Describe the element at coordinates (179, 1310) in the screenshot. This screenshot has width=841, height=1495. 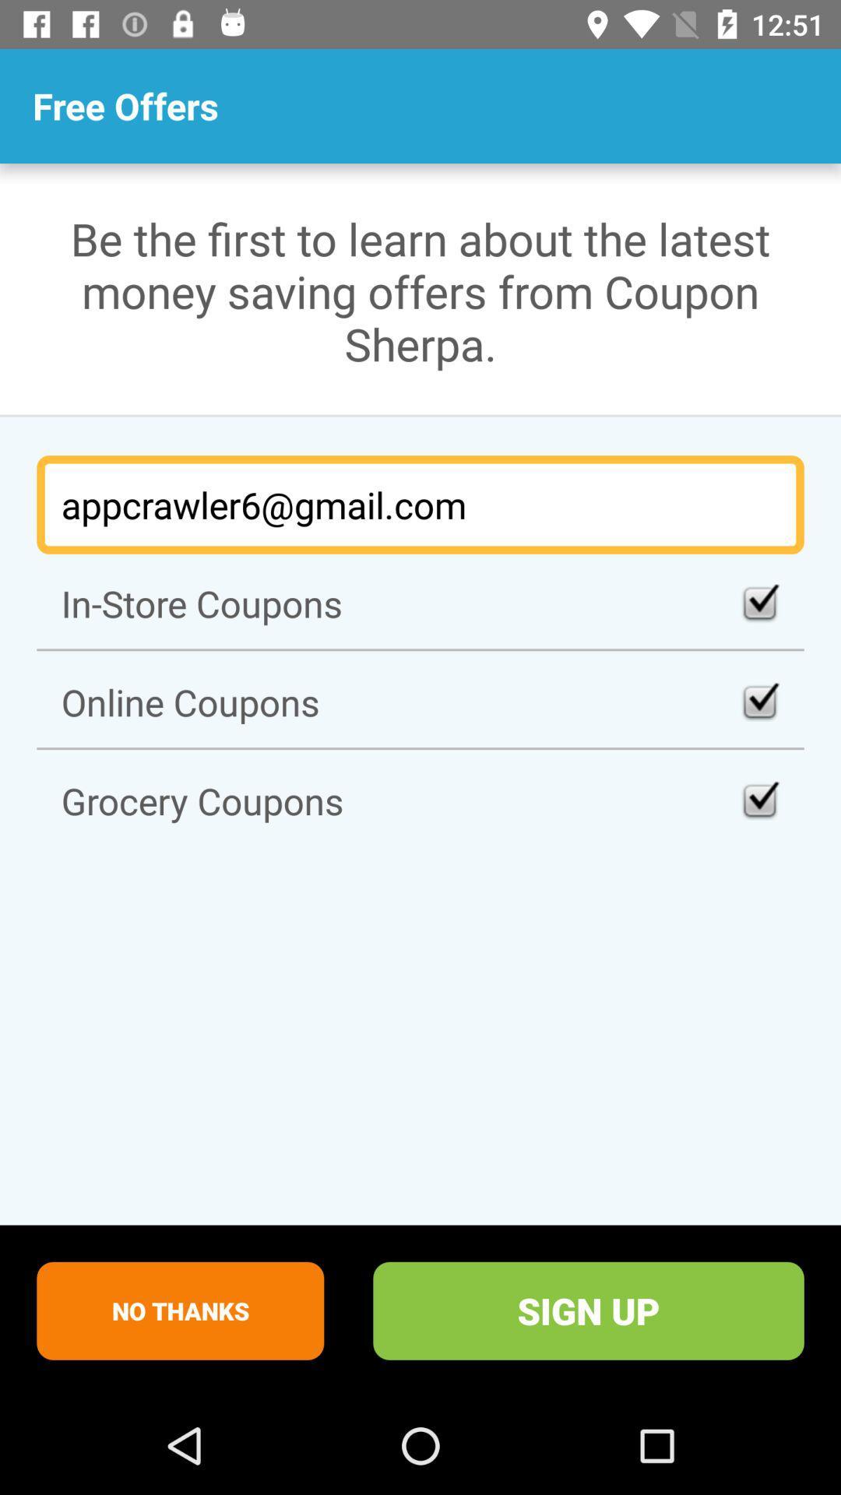
I see `the no thanks at the bottom left corner` at that location.